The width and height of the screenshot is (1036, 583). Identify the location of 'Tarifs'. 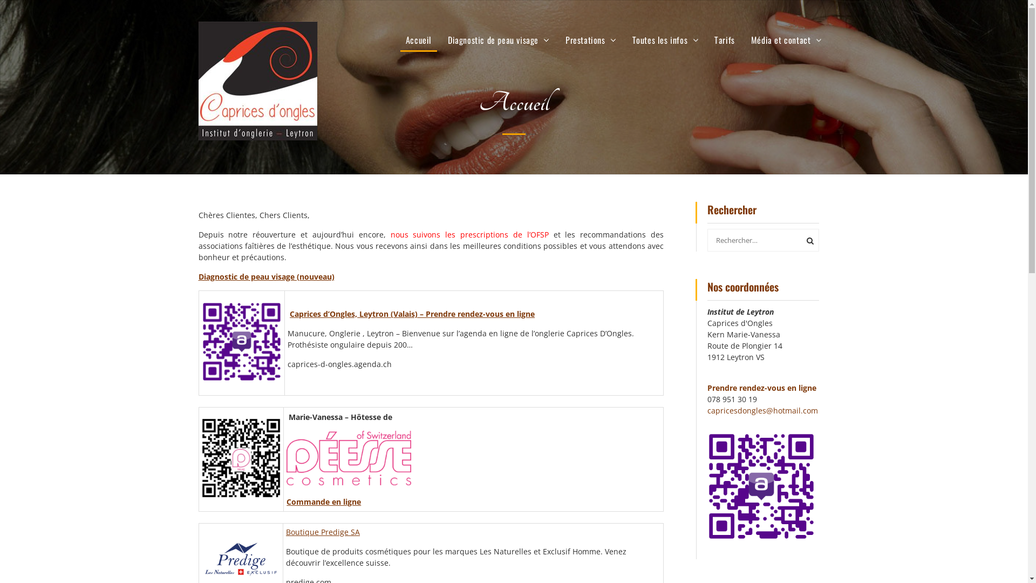
(725, 39).